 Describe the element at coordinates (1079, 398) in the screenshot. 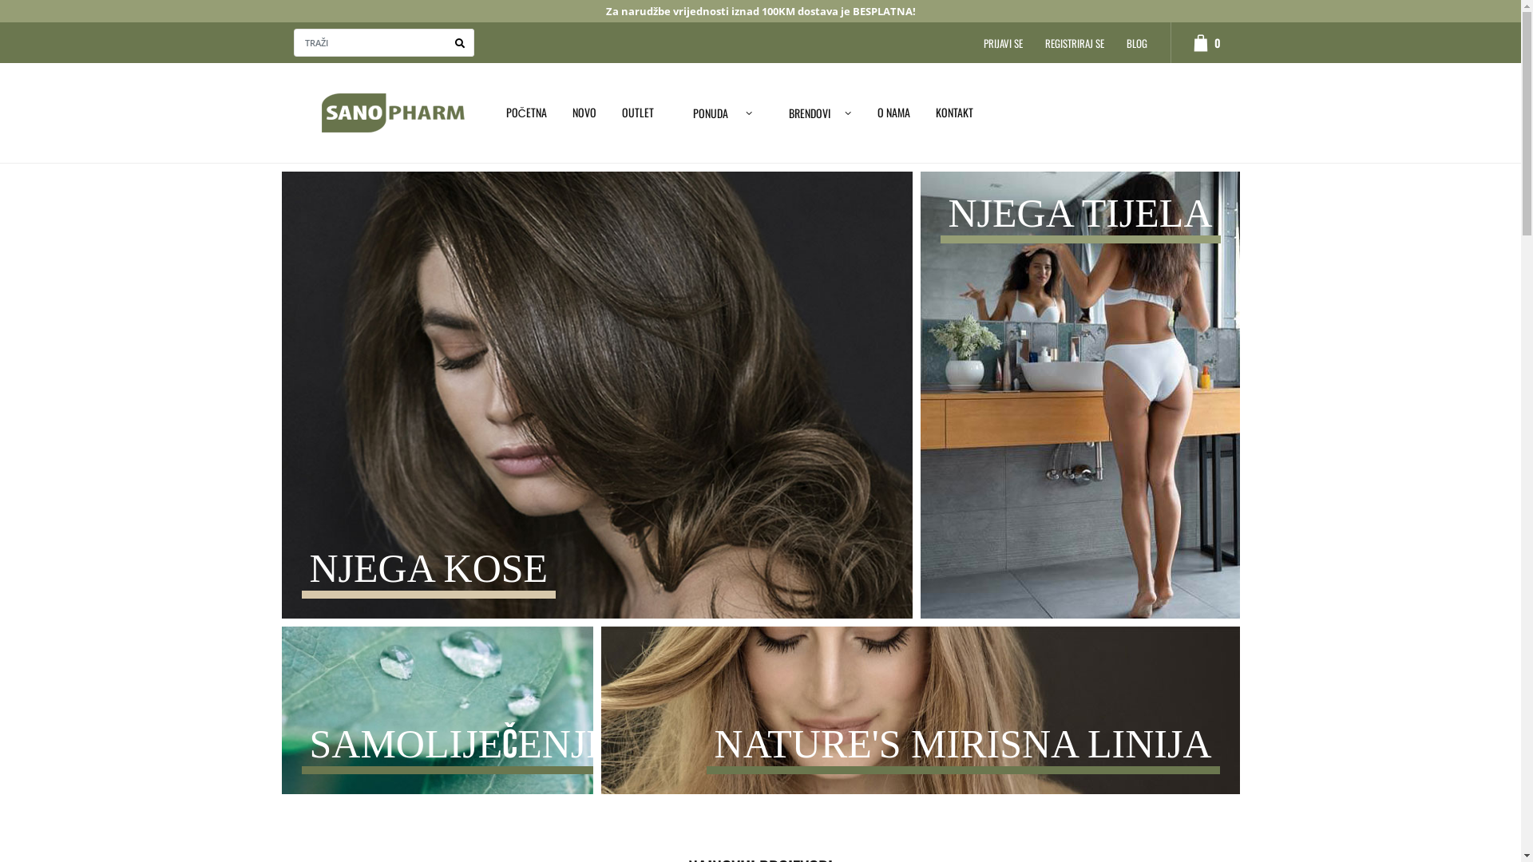

I see `'NJEGA TIJELA'` at that location.